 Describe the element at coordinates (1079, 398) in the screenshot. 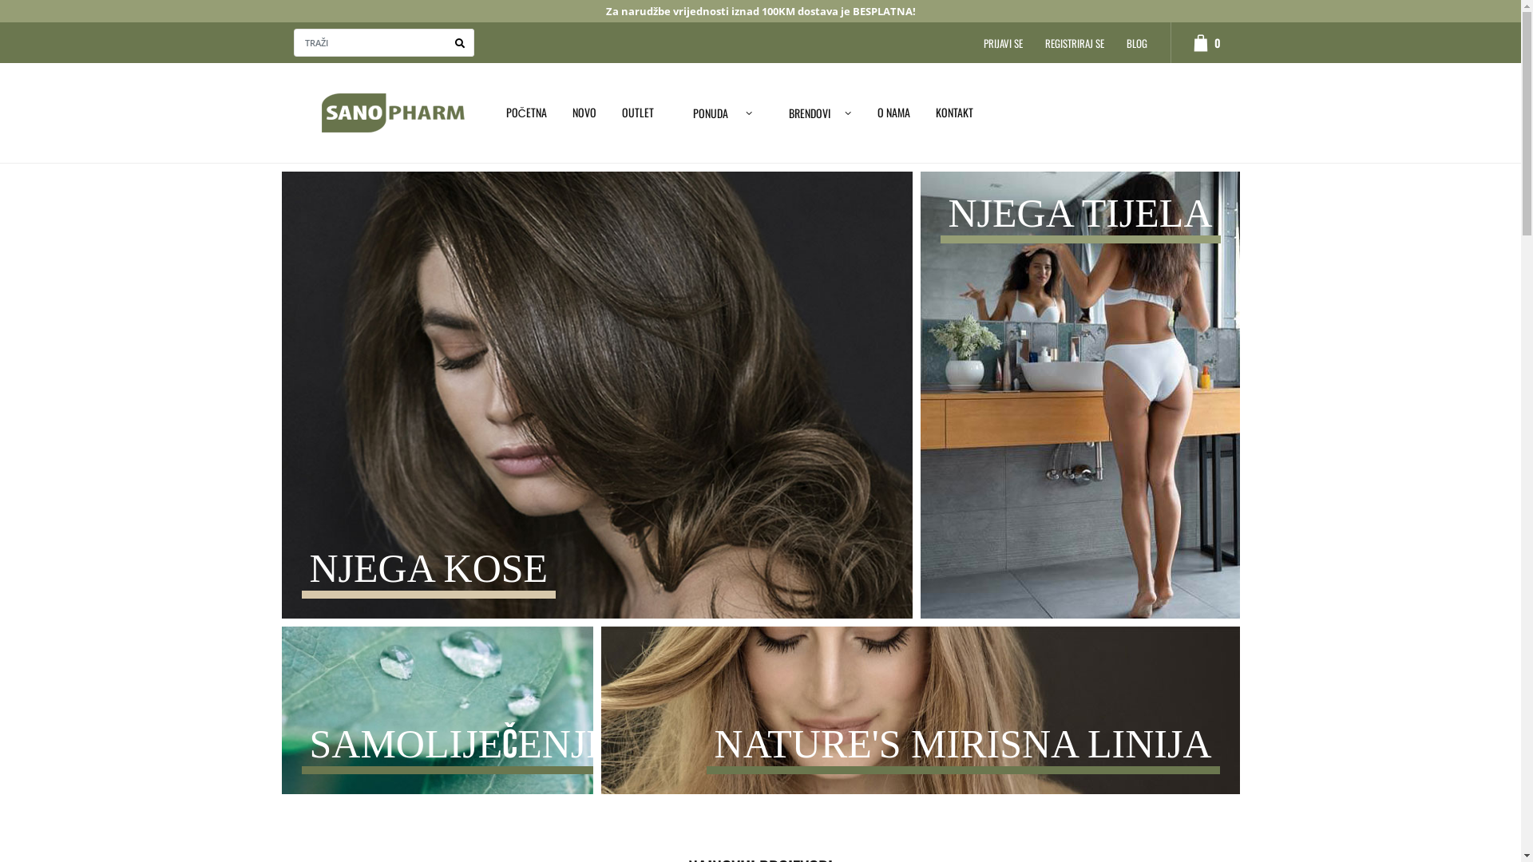

I see `'NJEGA TIJELA'` at that location.